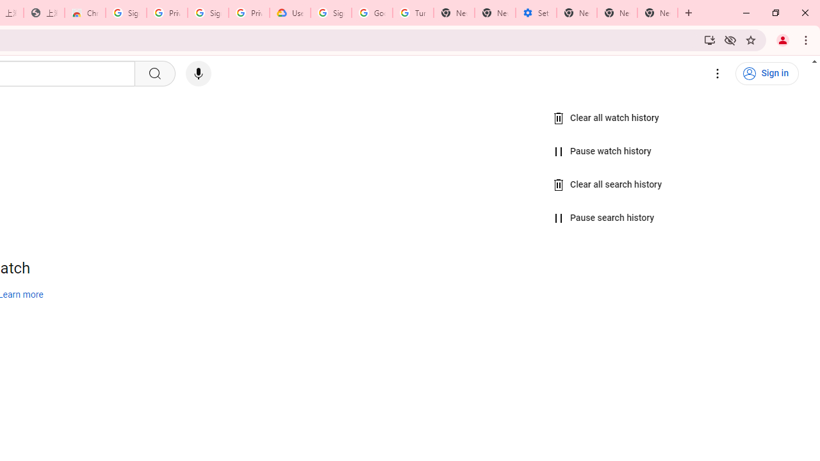  I want to click on 'Turn cookies on or off - Computer - Google Account Help', so click(413, 13).